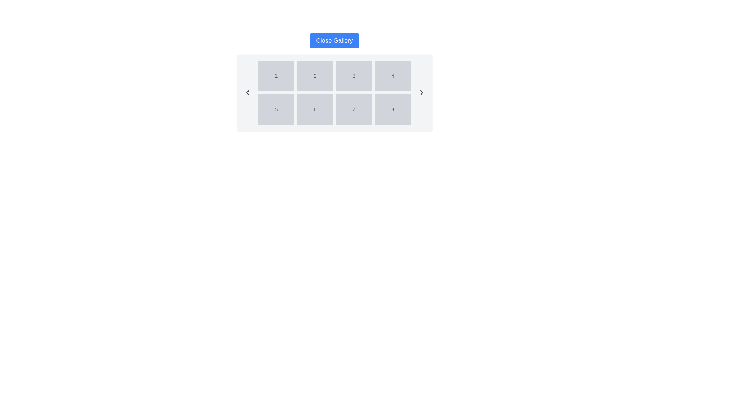 The height and width of the screenshot is (412, 732). What do you see at coordinates (247, 92) in the screenshot?
I see `the navigation icon located on the far left of the horizontally centered panel` at bounding box center [247, 92].